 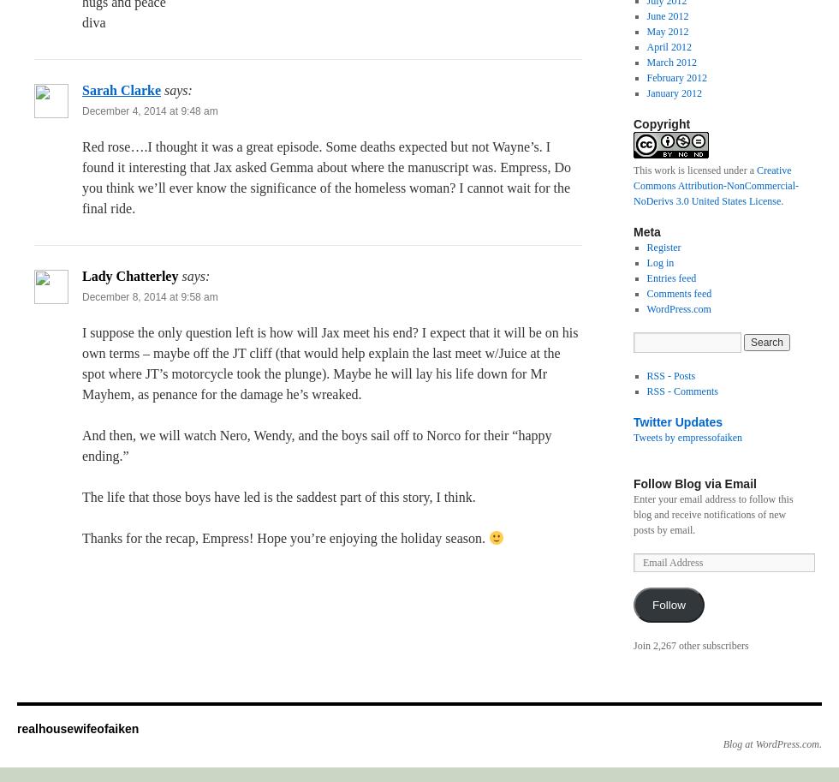 What do you see at coordinates (150, 110) in the screenshot?
I see `'December 4, 2014 at 9:48 am'` at bounding box center [150, 110].